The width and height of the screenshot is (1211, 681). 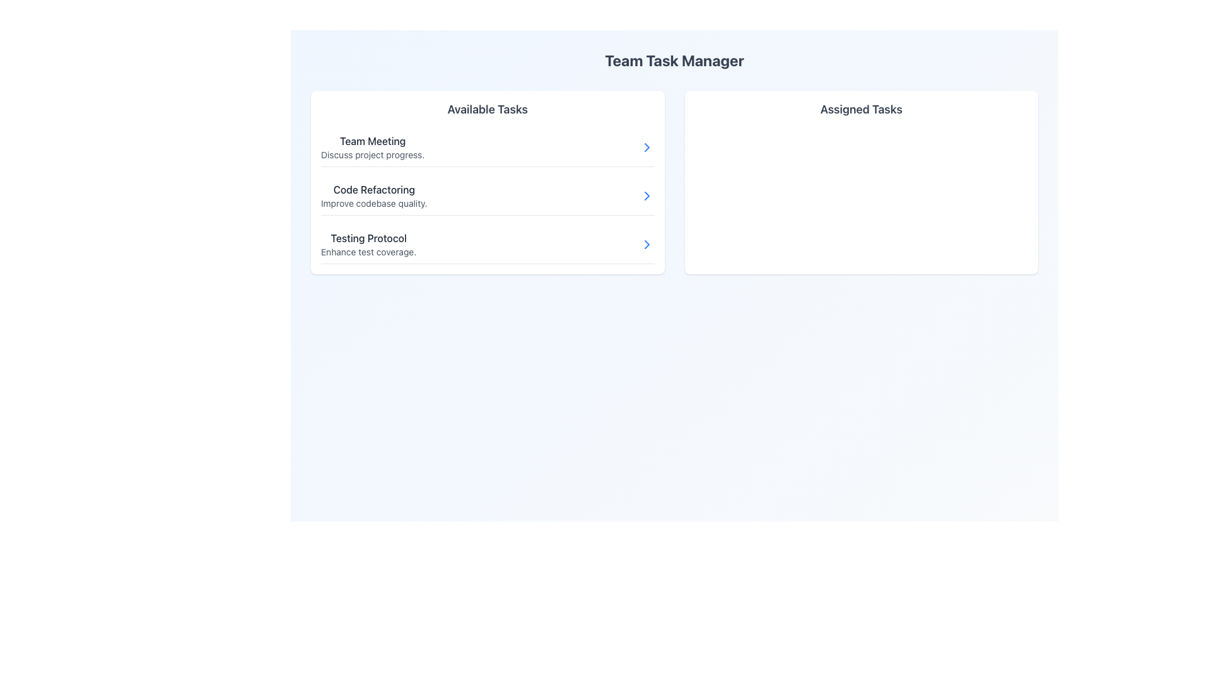 I want to click on the third list item under 'Available Tasks', so click(x=487, y=245).